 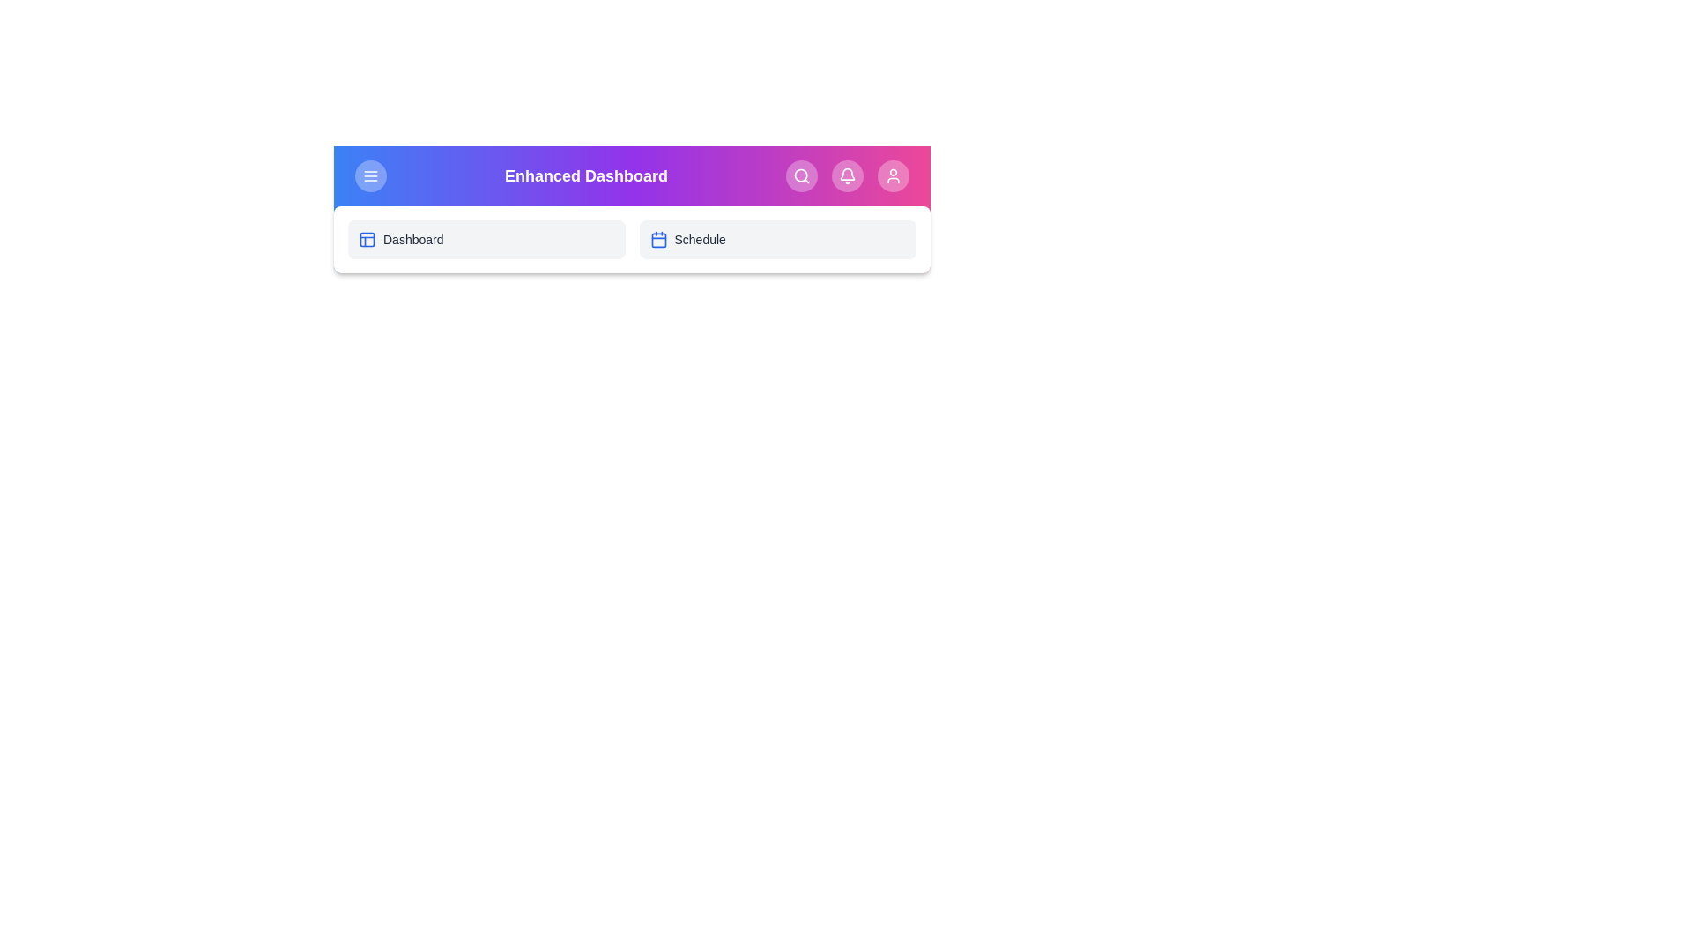 I want to click on the Profile button in the app bar, so click(x=893, y=176).